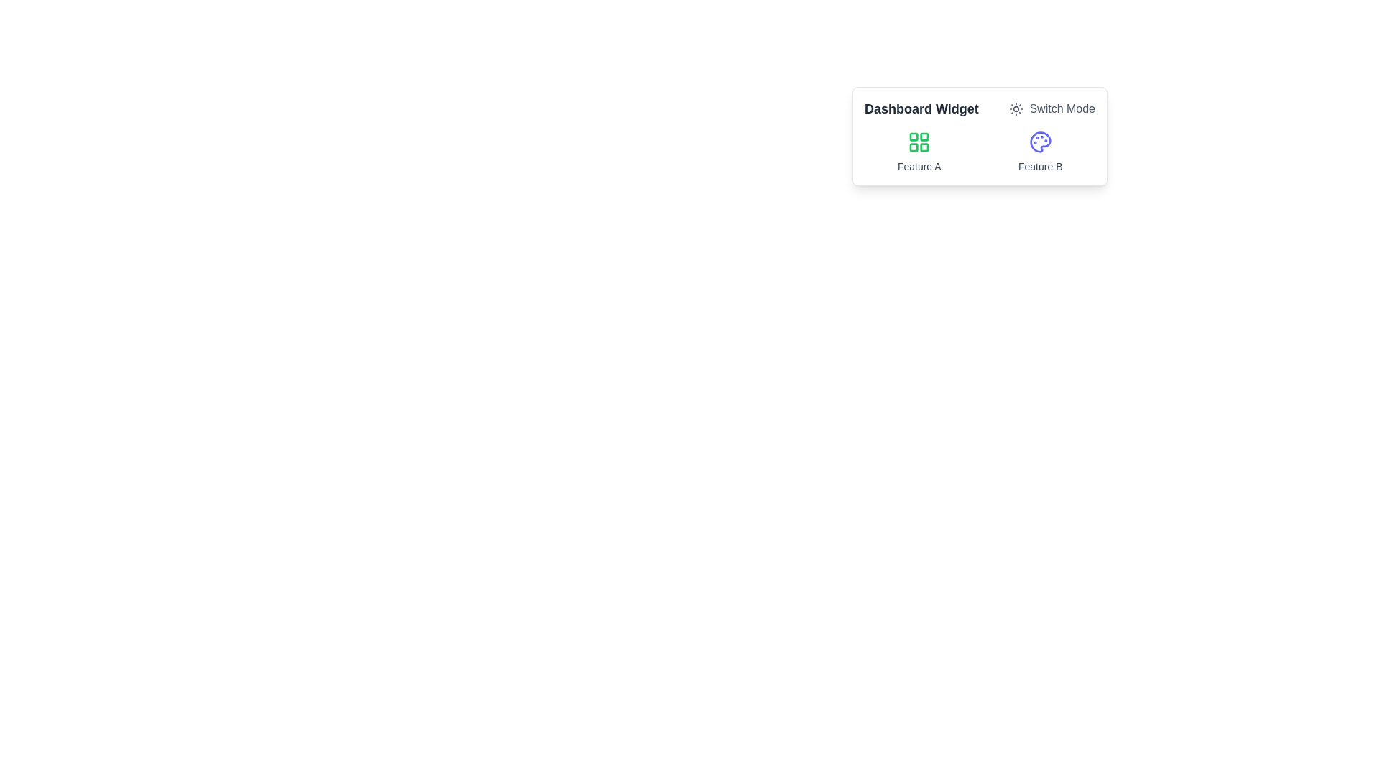 This screenshot has height=776, width=1380. What do you see at coordinates (914, 147) in the screenshot?
I see `the small green square with rounded corners located in the bottom-left corner of the 2x2 grid underneath the 'Feature A' label` at bounding box center [914, 147].